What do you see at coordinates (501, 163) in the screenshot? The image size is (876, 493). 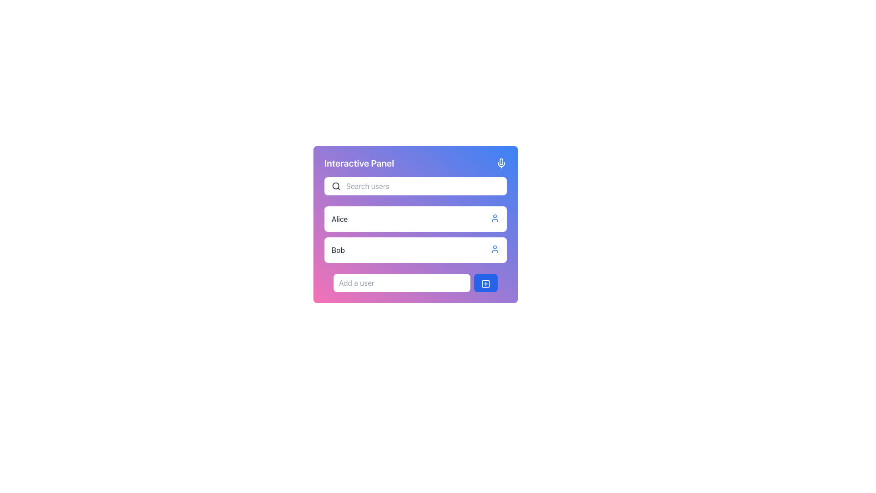 I see `the microphone icon located at the far right of the 'Interactive Panel' title bar` at bounding box center [501, 163].